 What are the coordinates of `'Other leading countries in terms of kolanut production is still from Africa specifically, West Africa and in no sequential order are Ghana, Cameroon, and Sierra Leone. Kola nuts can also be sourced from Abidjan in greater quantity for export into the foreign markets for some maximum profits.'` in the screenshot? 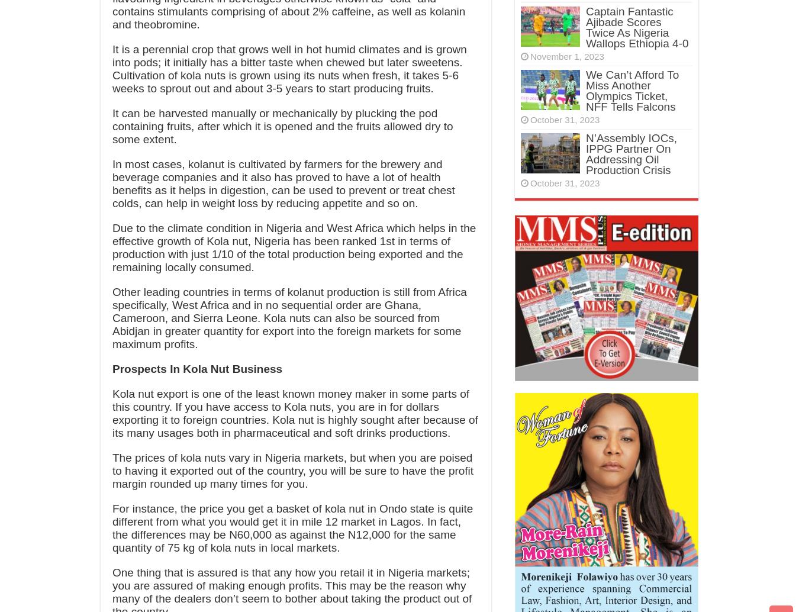 It's located at (288, 318).